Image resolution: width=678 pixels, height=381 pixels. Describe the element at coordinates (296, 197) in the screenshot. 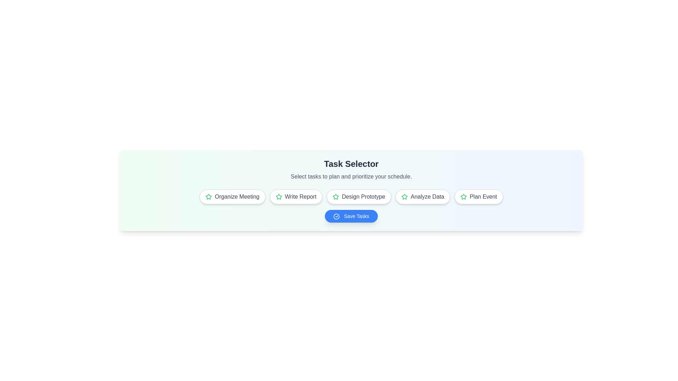

I see `the task Write Report to select it` at that location.